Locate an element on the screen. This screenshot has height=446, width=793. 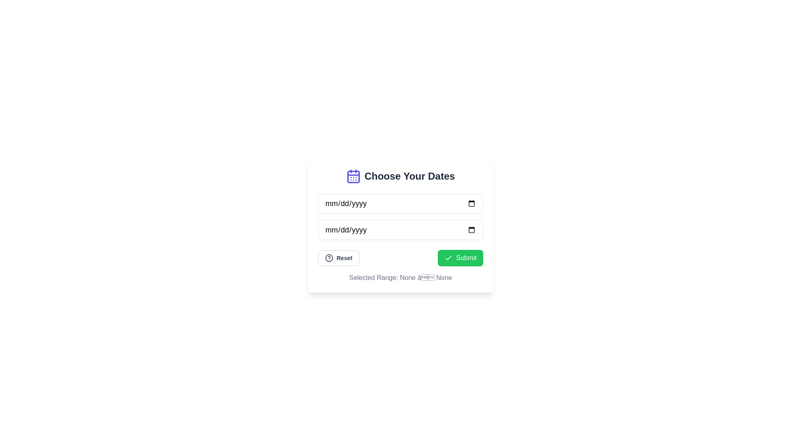
the visual indicator icon to the left of the 'Submit' button, which confirms the action represented by the button is located at coordinates (448, 257).